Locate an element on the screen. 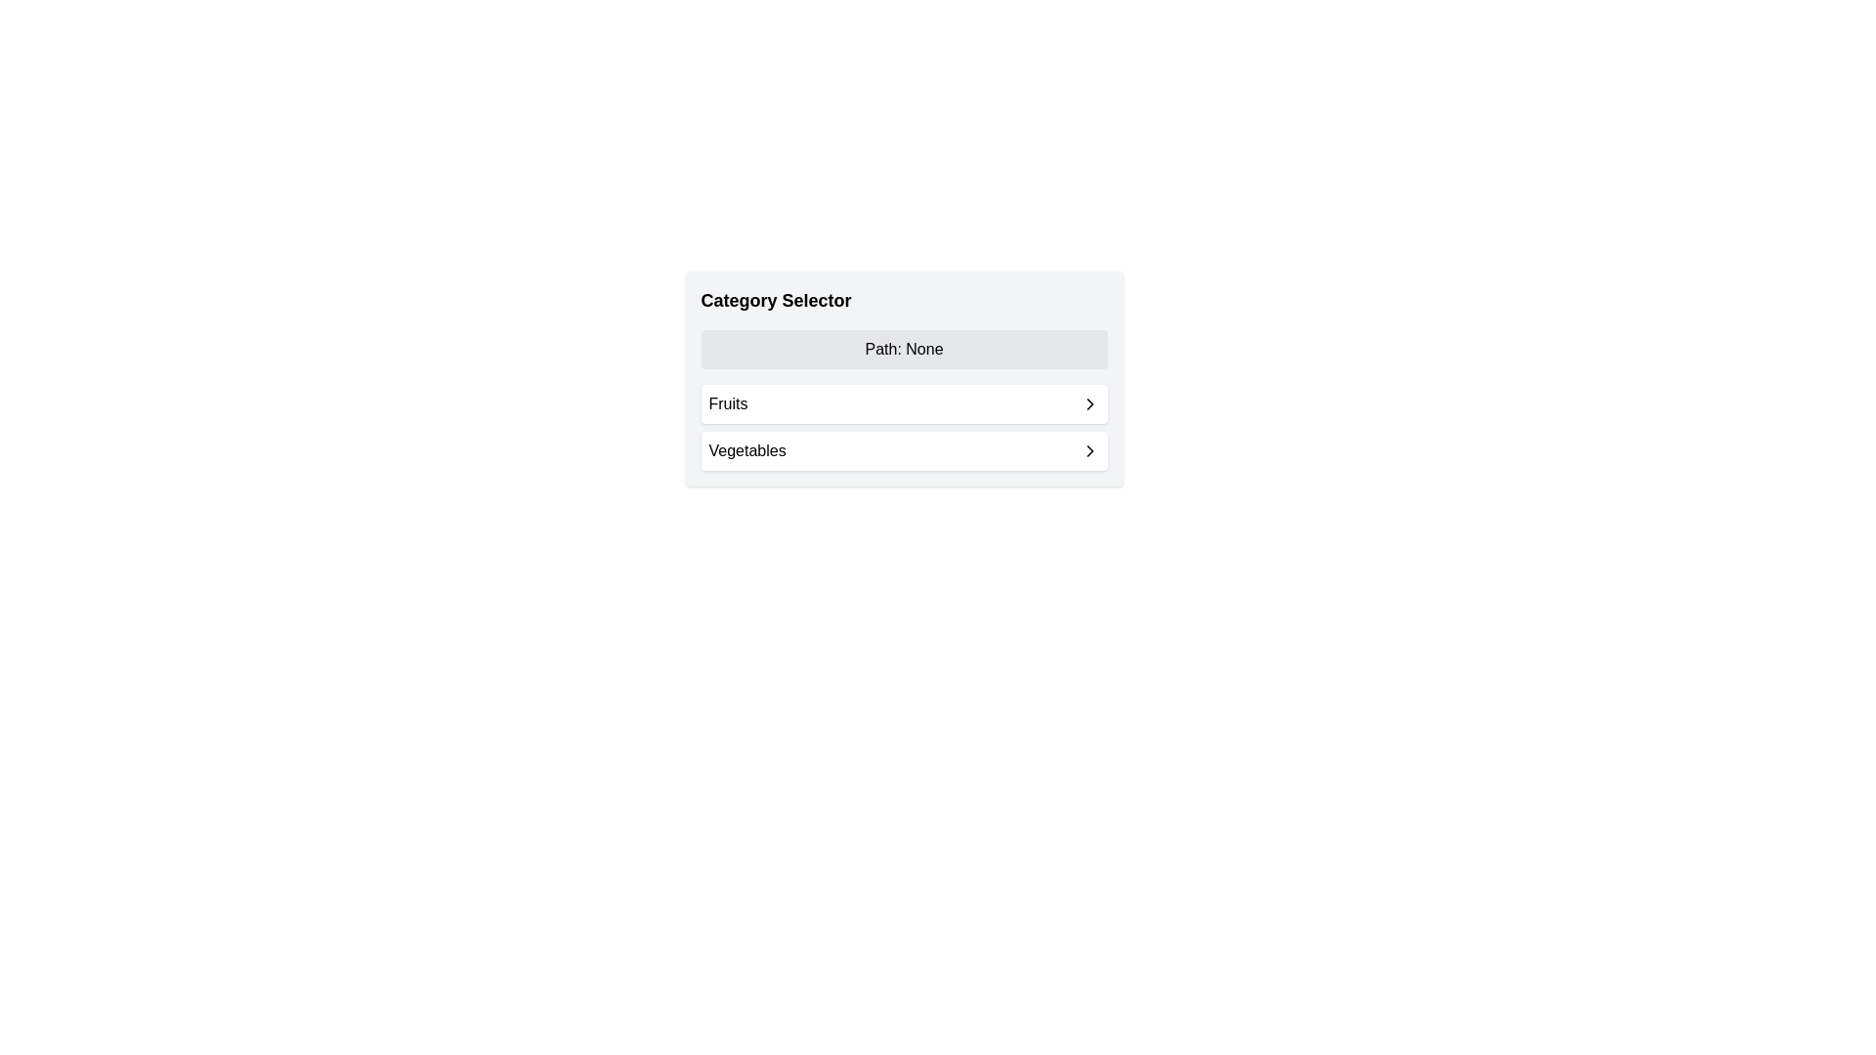 This screenshot has height=1055, width=1876. the rightward-pointing chevron icon within the 'Fruits' button to initiate navigation is located at coordinates (1088, 402).